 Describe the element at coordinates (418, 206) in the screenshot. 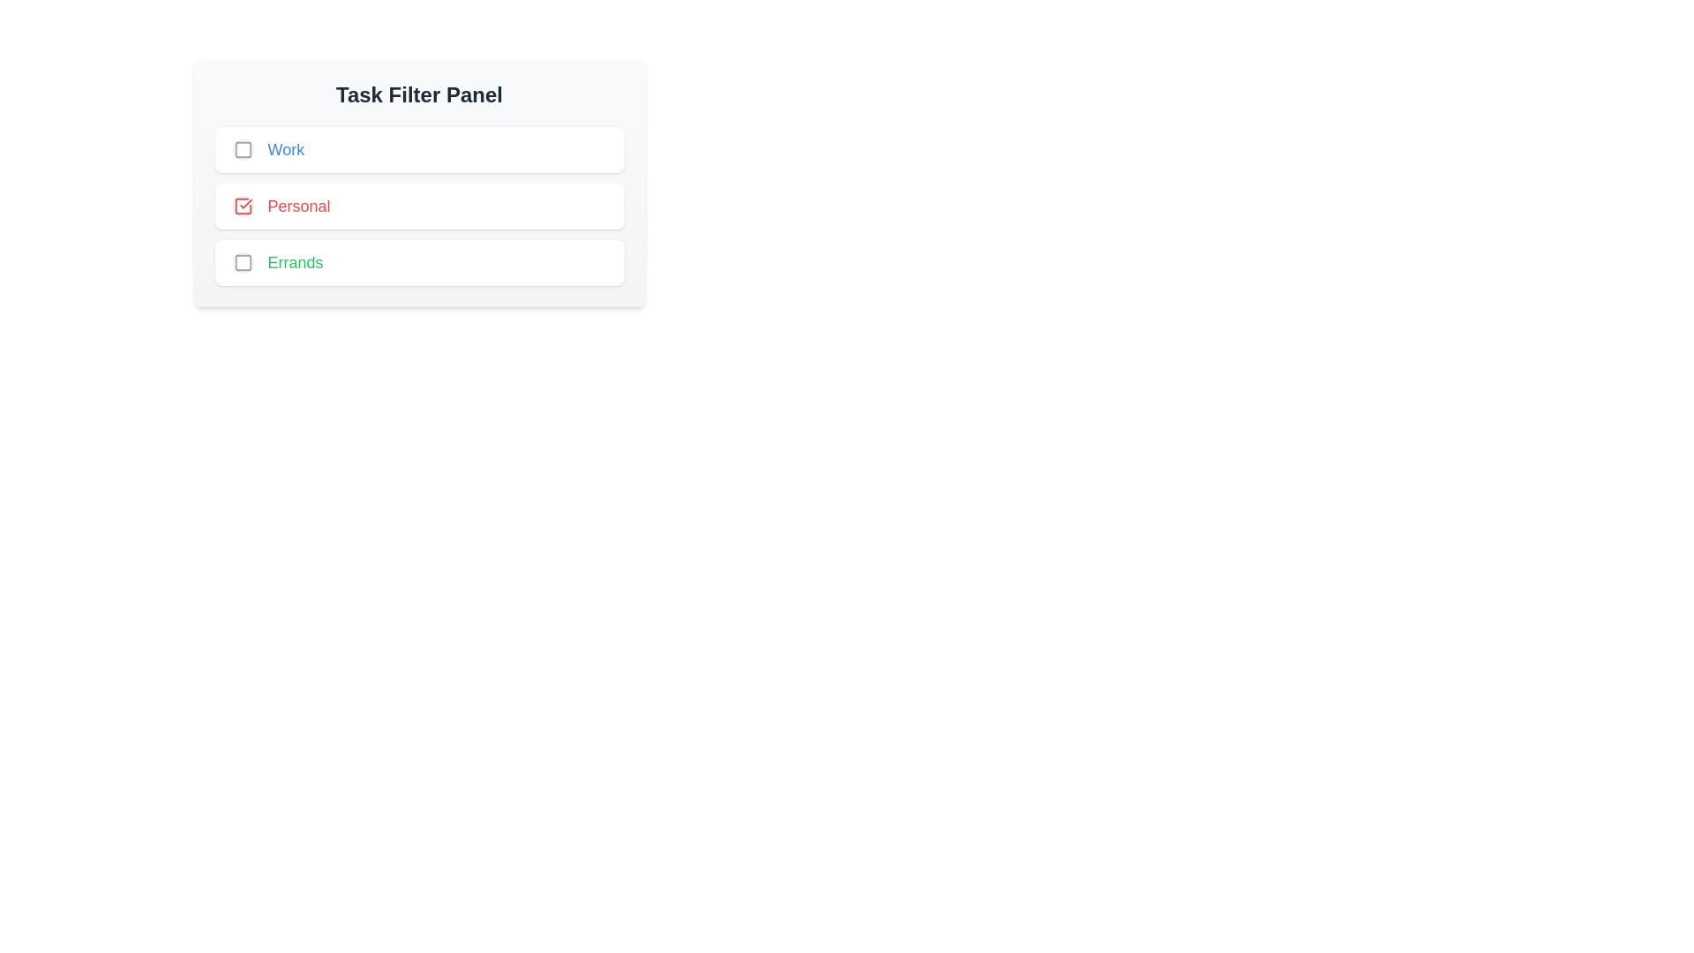

I see `the checkbox in the 'Personal' row within the 'Task Filter Panel' to filter tasks` at that location.